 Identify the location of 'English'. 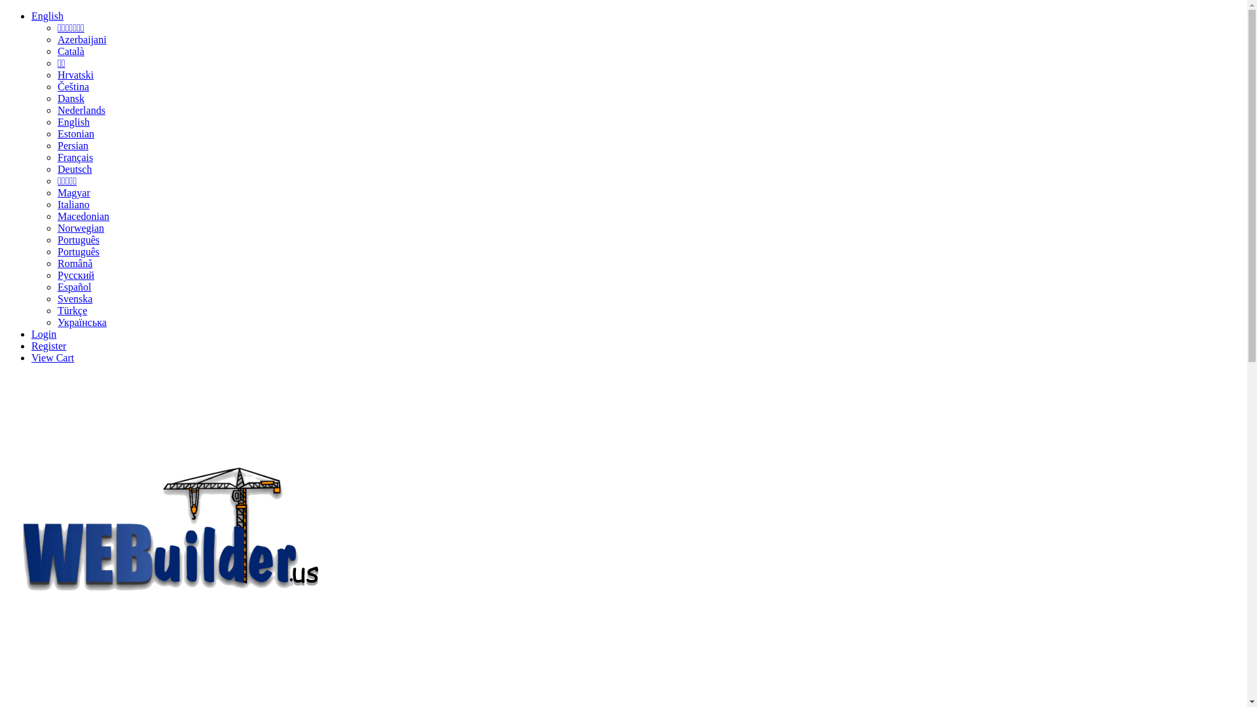
(73, 122).